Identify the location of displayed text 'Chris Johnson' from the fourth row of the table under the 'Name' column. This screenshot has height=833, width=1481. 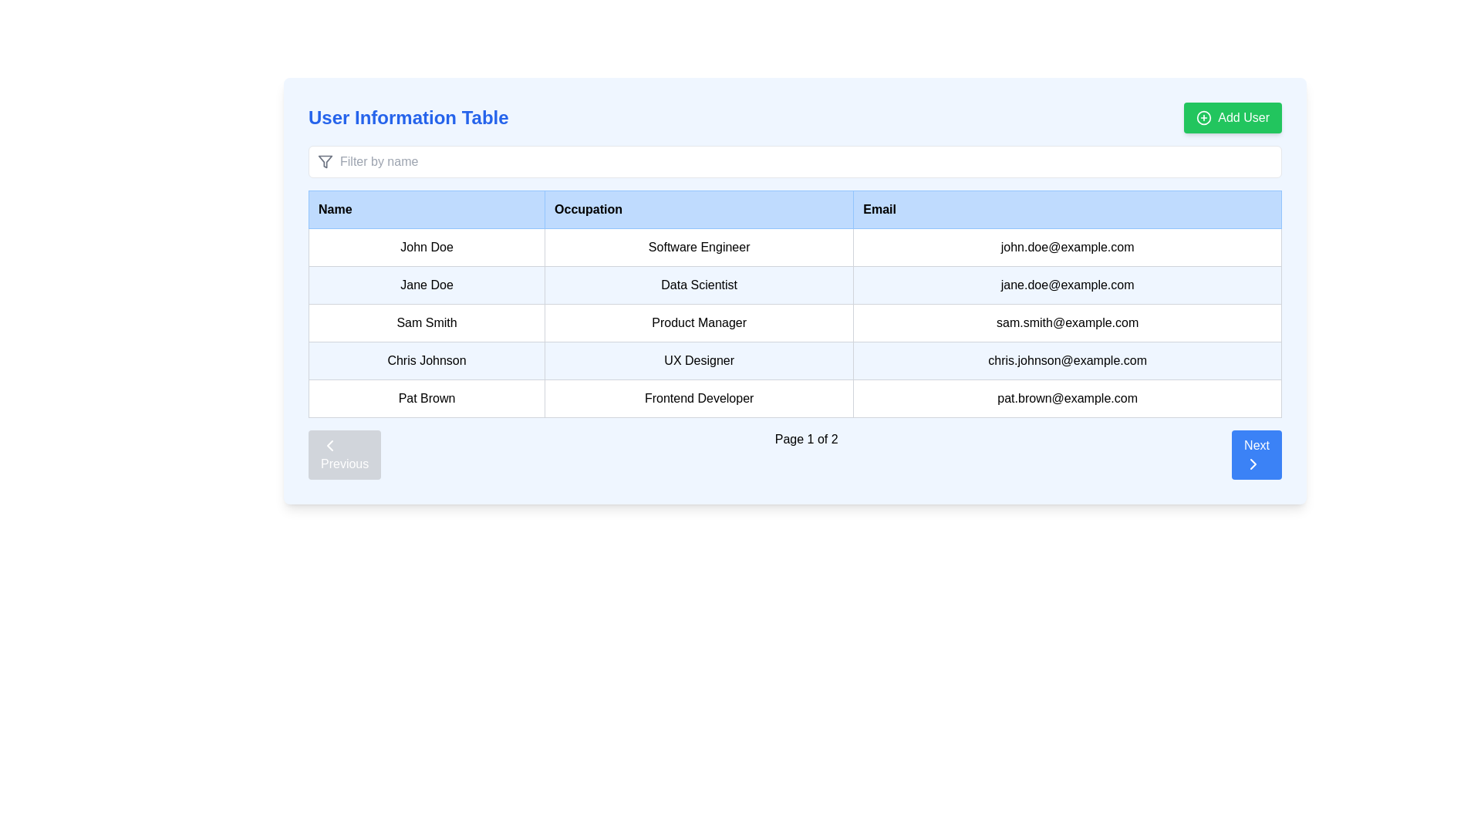
(427, 360).